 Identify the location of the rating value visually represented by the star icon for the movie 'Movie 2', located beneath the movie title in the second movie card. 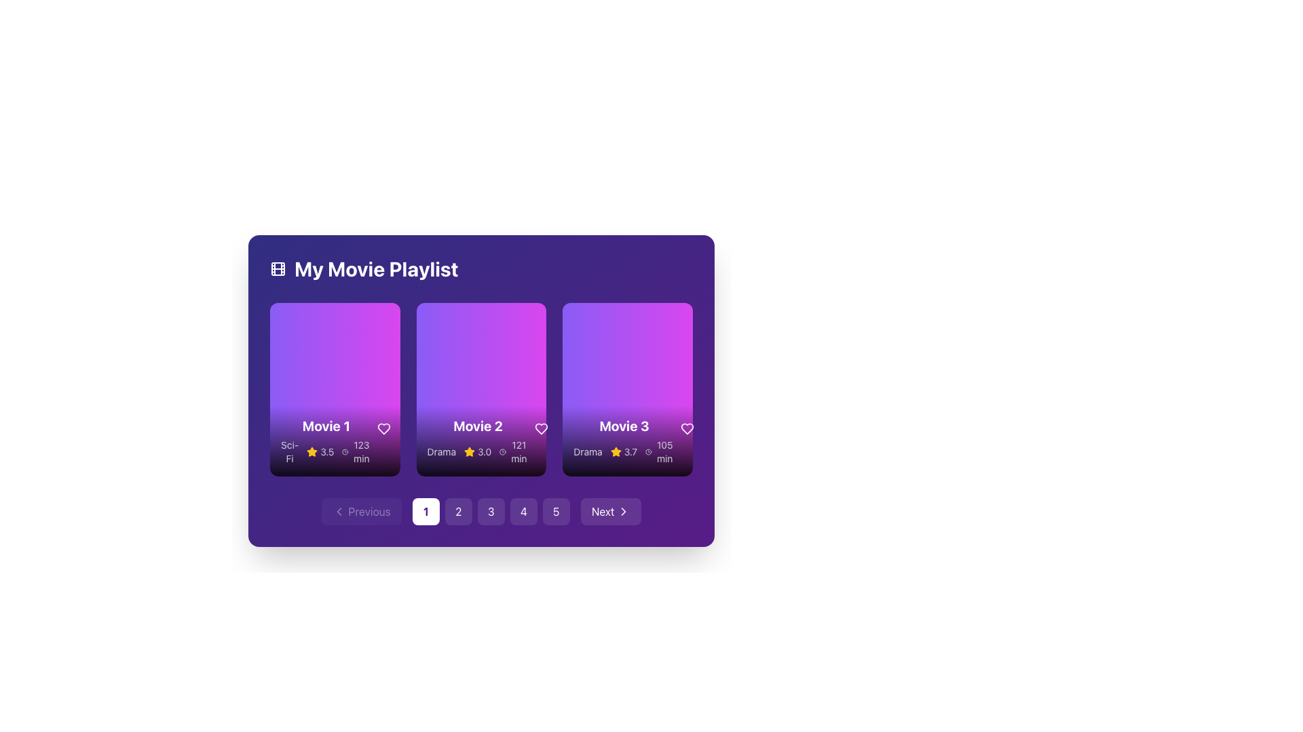
(469, 451).